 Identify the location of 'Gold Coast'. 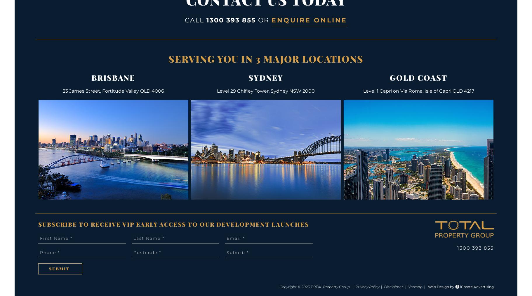
(389, 77).